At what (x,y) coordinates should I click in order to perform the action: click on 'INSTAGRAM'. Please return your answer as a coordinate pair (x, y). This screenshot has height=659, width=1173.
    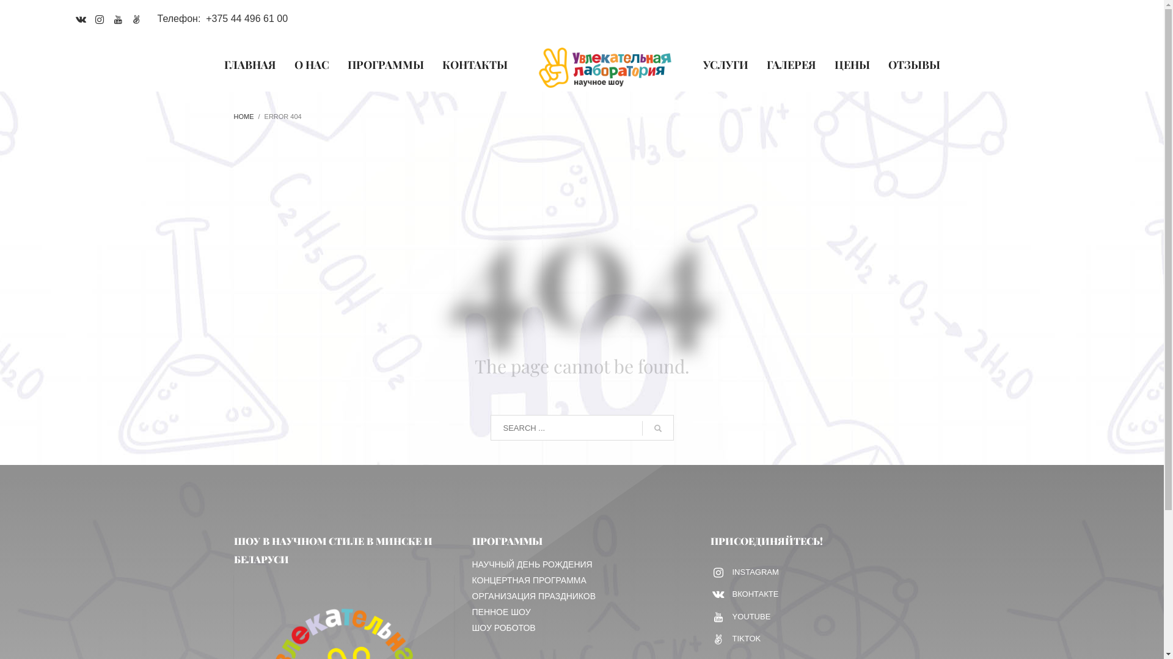
    Looking at the image, I should click on (745, 572).